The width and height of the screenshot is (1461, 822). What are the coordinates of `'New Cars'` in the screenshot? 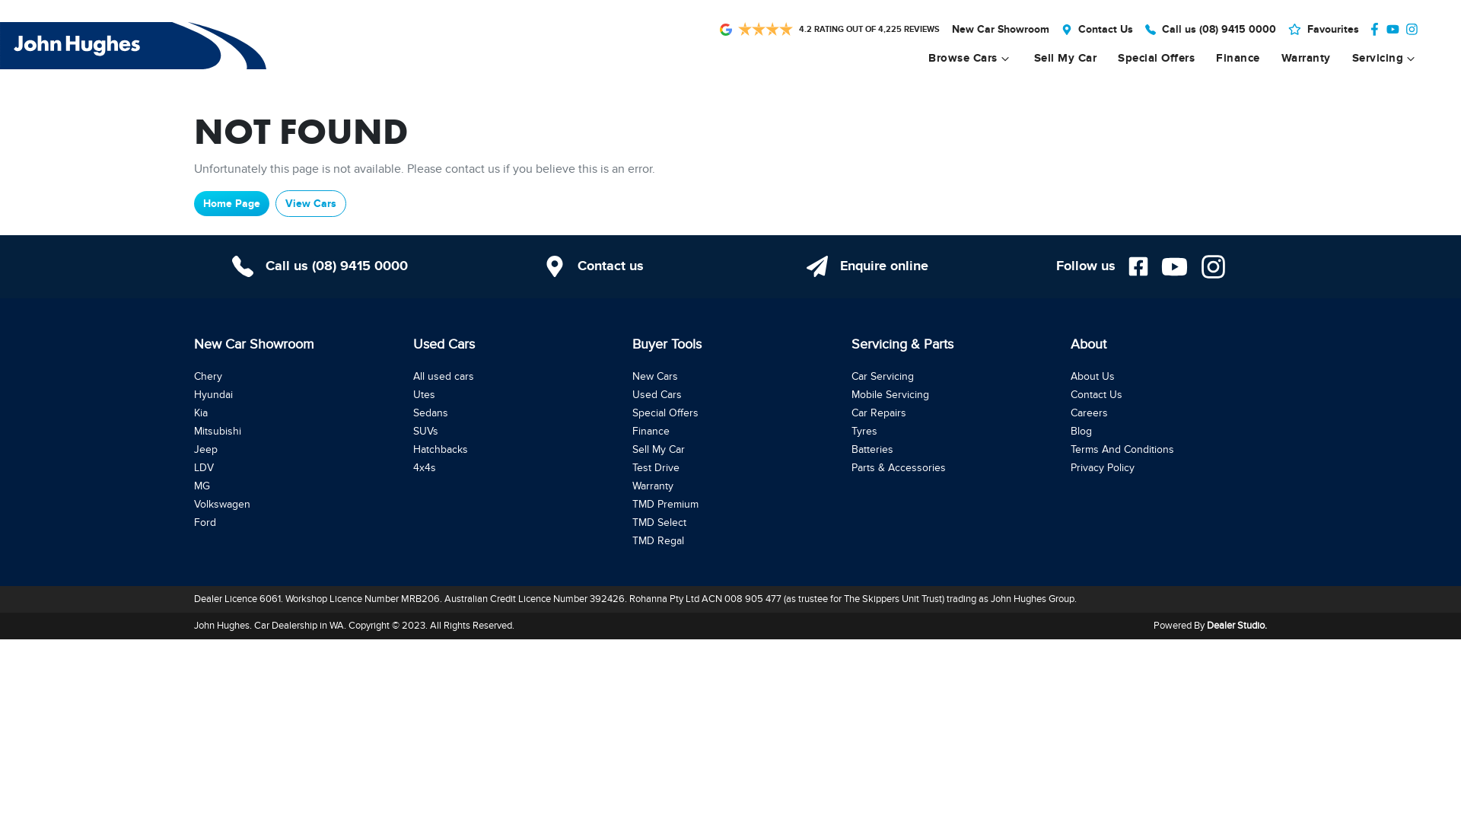 It's located at (632, 376).